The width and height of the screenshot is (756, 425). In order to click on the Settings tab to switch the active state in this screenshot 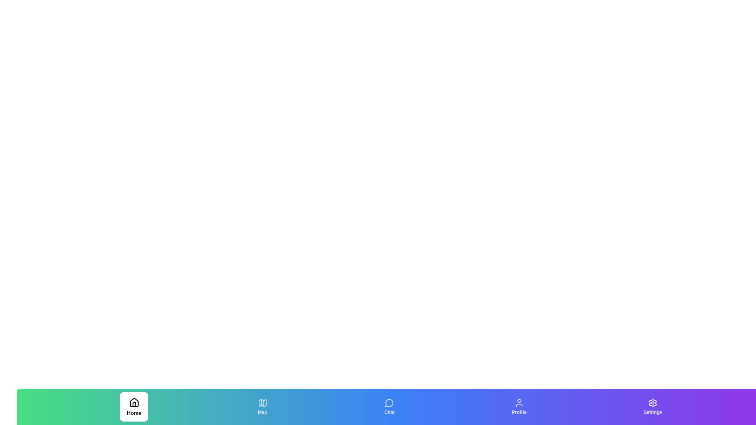, I will do `click(653, 407)`.